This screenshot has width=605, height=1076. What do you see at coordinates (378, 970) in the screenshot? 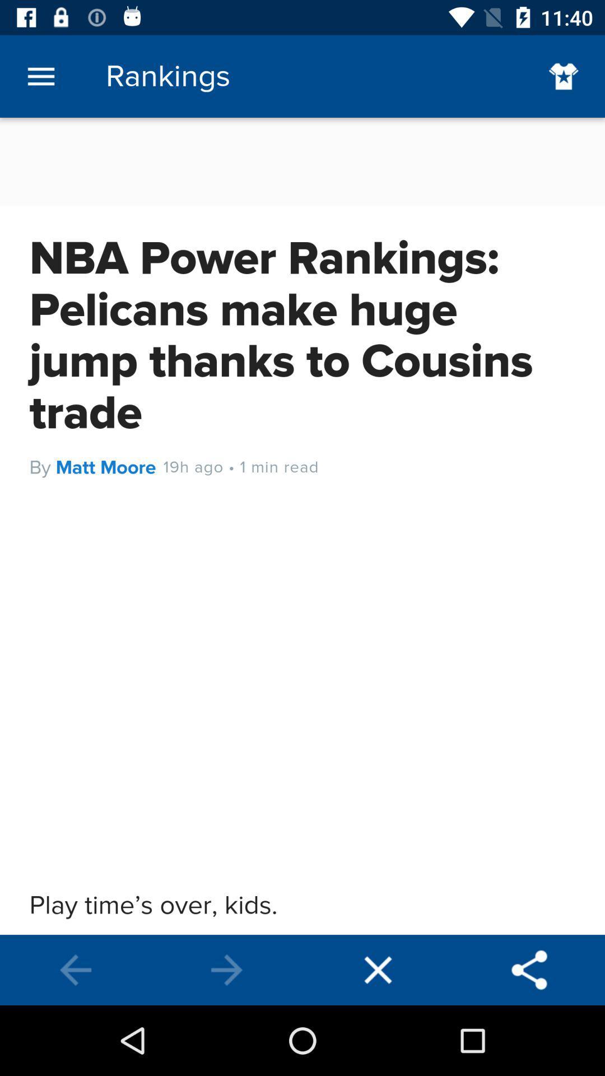
I see `end session` at bounding box center [378, 970].